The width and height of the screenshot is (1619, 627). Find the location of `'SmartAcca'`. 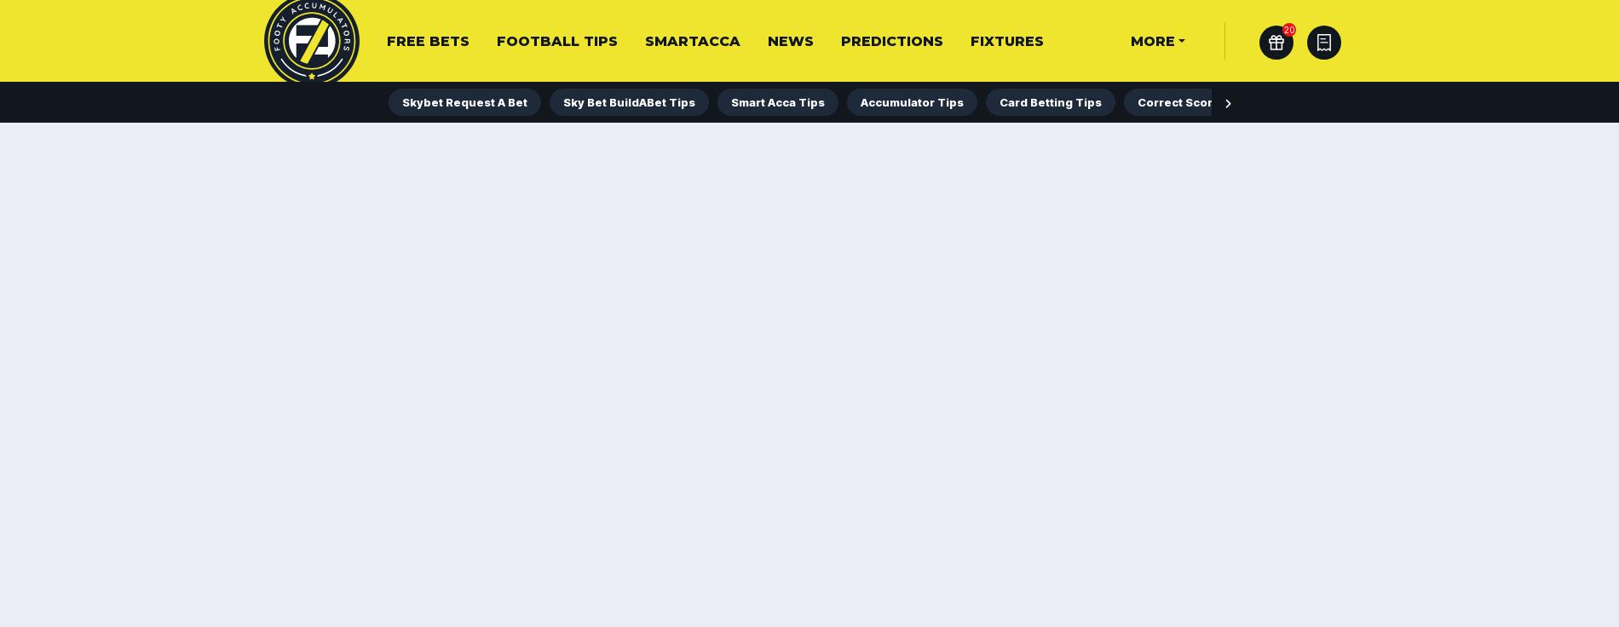

'SmartAcca' is located at coordinates (692, 41).